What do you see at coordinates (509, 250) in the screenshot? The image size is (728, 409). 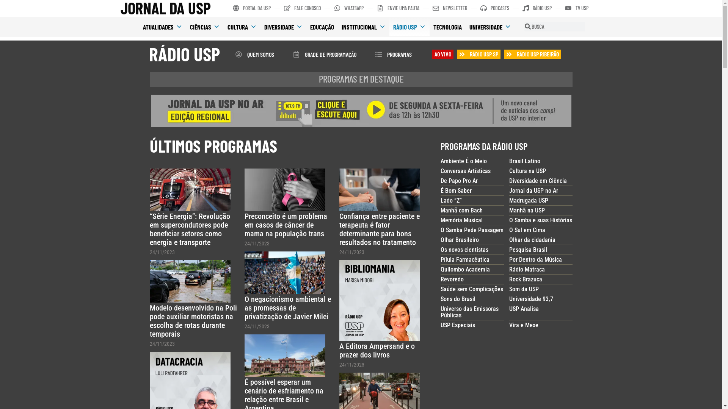 I see `'Pesquisa Brasil'` at bounding box center [509, 250].